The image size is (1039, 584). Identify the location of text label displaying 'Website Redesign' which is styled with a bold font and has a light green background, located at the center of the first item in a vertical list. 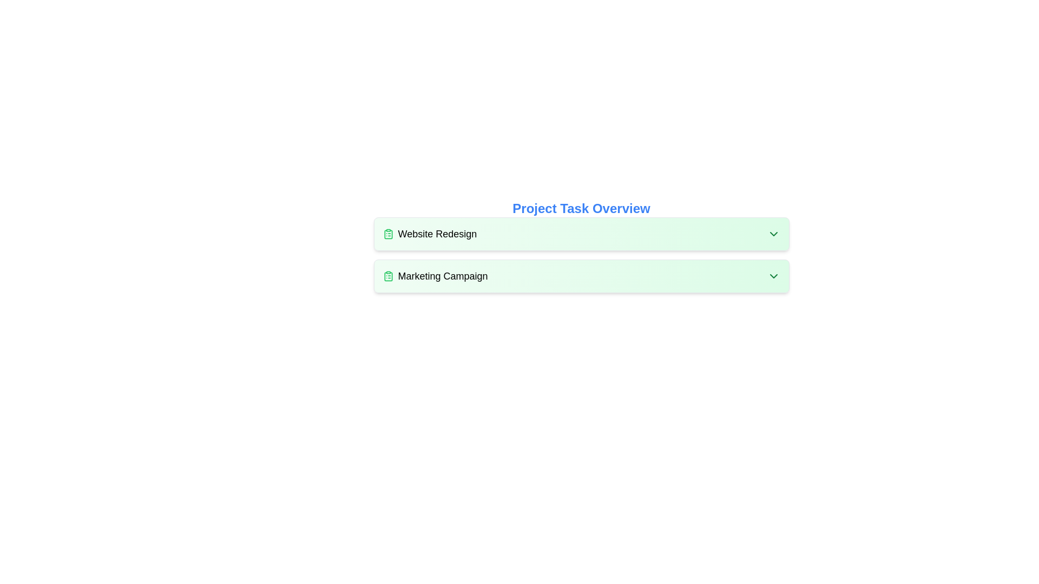
(437, 233).